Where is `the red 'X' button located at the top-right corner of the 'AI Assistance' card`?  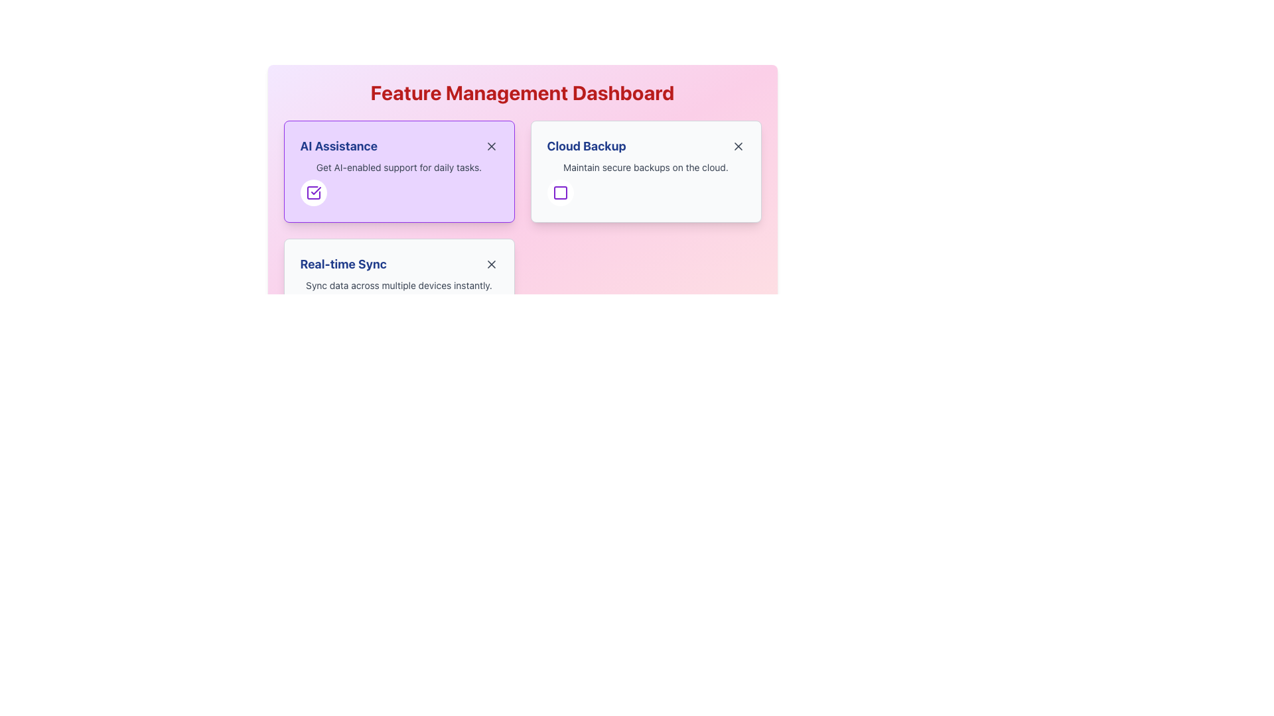
the red 'X' button located at the top-right corner of the 'AI Assistance' card is located at coordinates (490, 146).